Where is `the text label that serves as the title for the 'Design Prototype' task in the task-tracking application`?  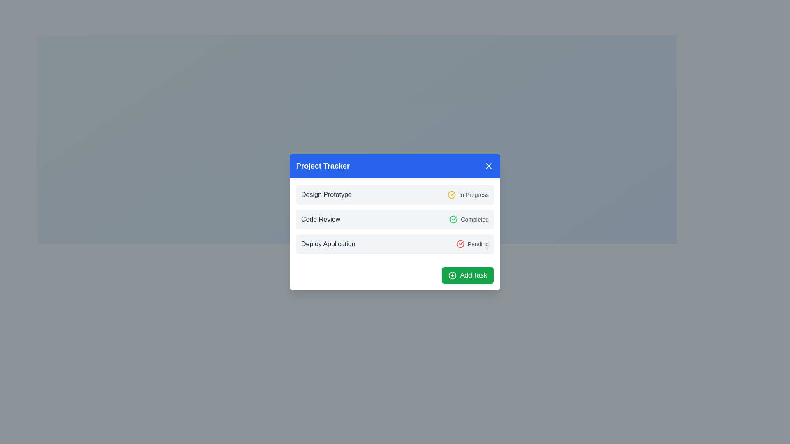 the text label that serves as the title for the 'Design Prototype' task in the task-tracking application is located at coordinates (326, 195).